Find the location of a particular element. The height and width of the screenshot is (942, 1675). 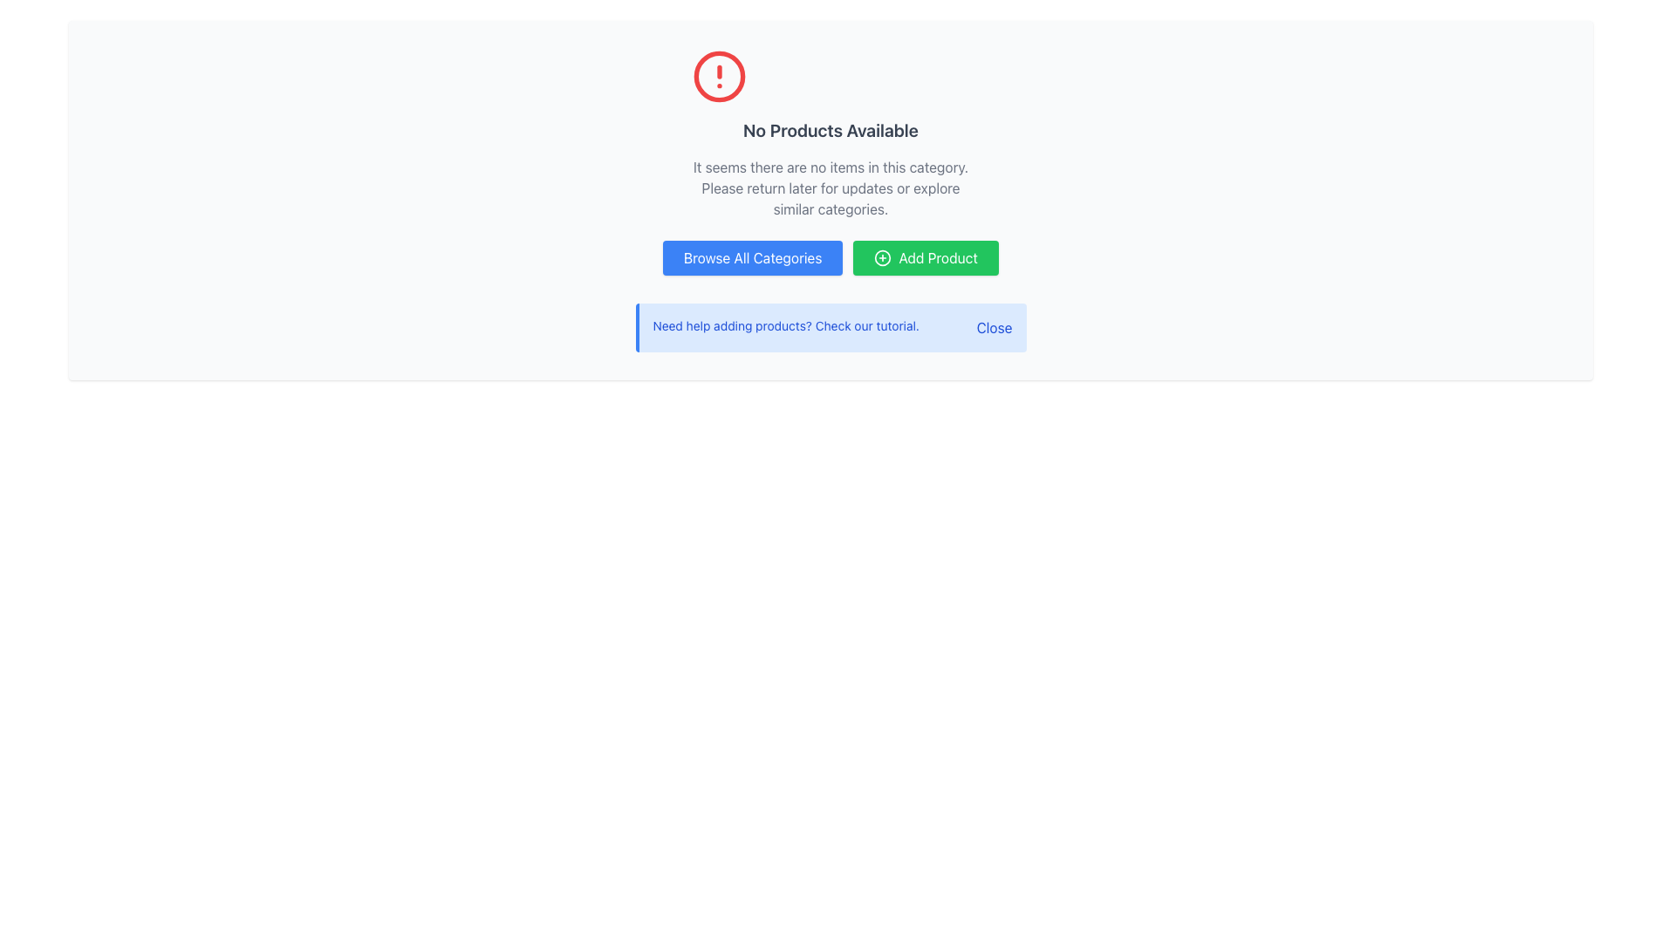

the Notification Panel that displays a message indicating 'No Products Available', which is centrally placed in the notification area above the buttons 'Browse All Categories' and 'Add Product' is located at coordinates (830, 133).